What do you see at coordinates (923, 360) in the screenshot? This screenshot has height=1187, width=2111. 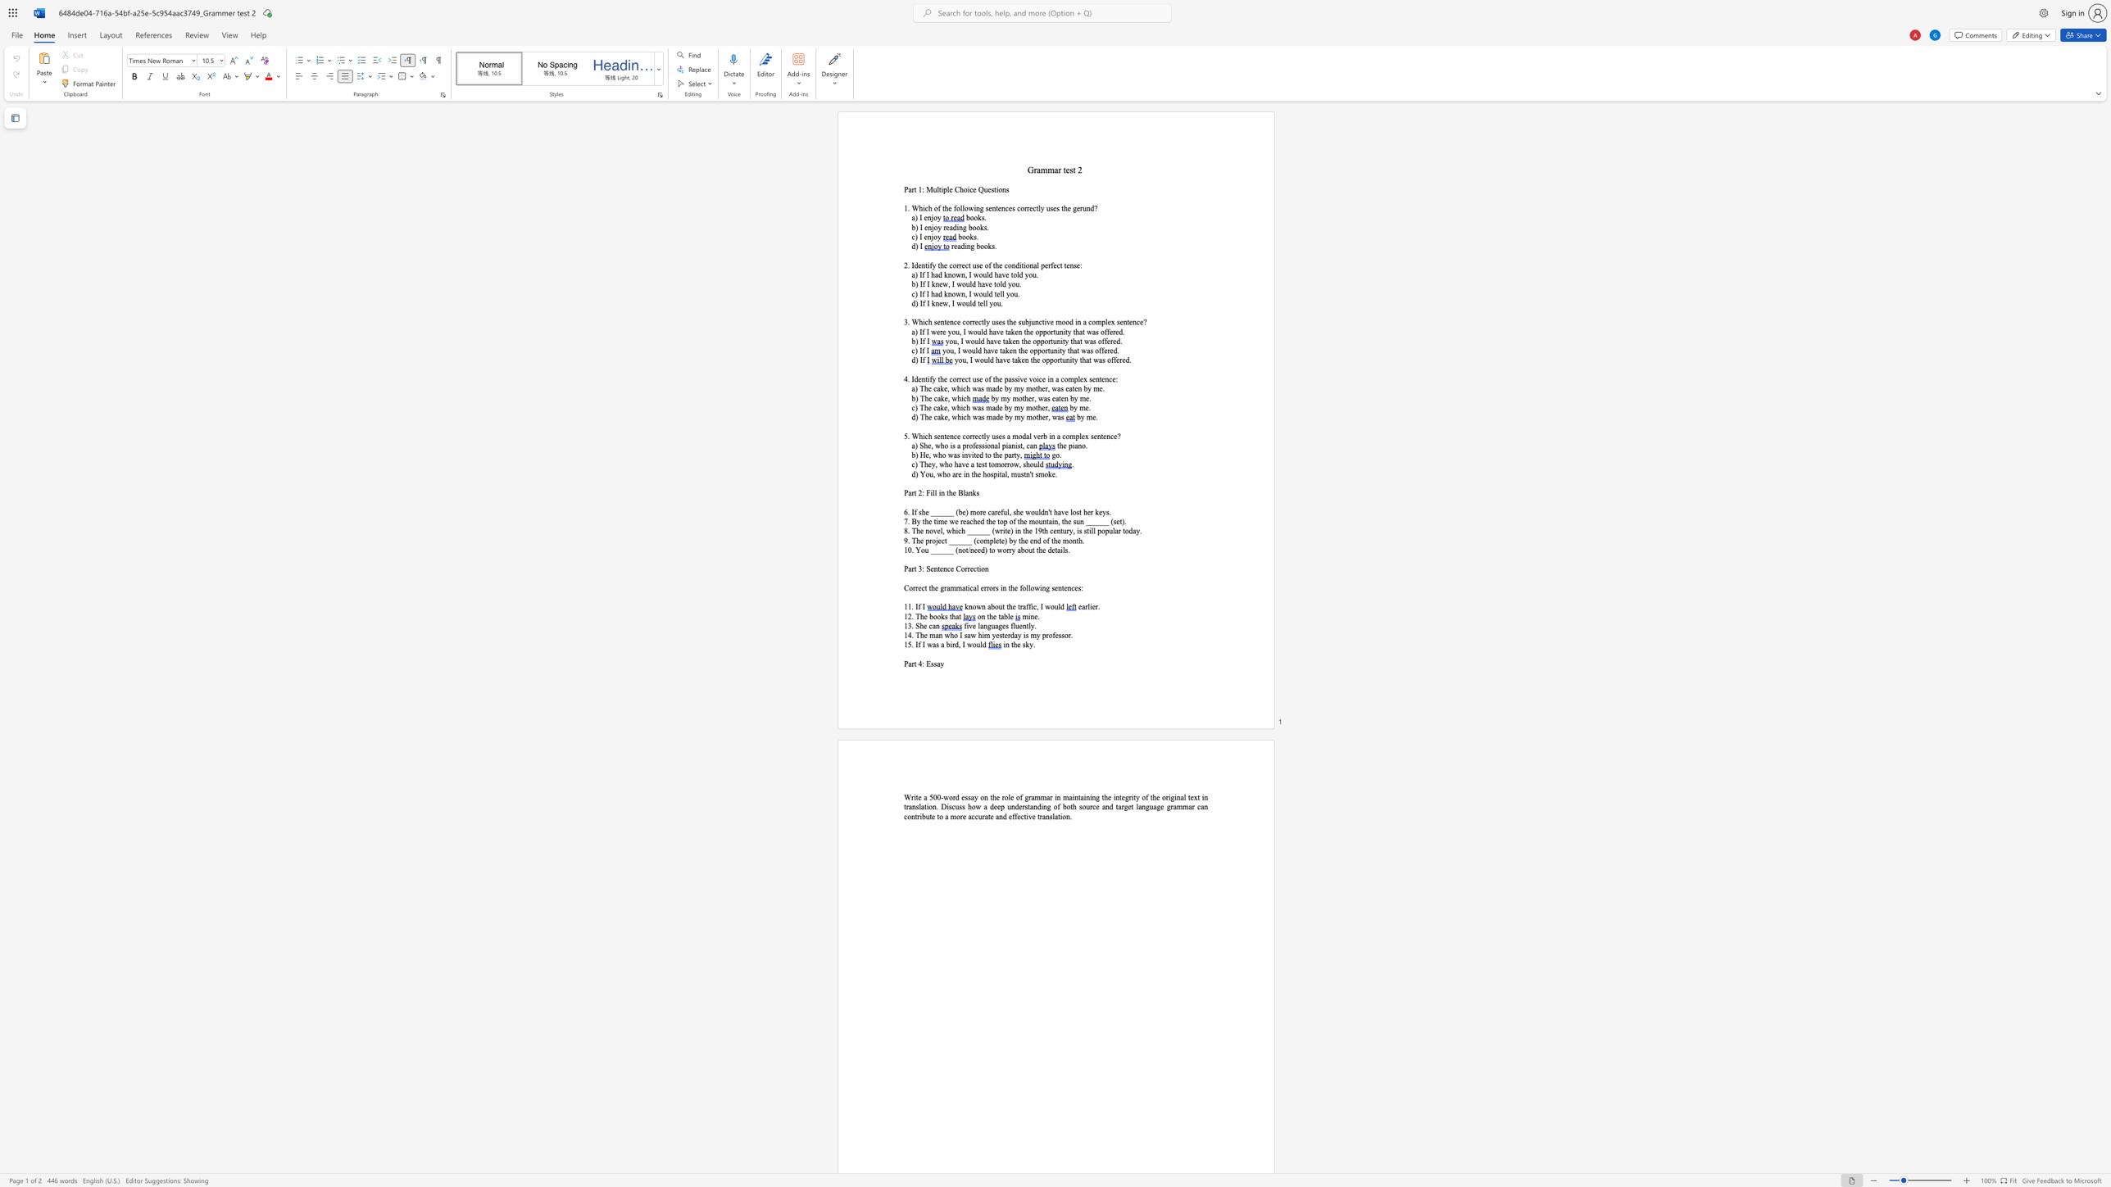 I see `the space between the continuous character "I" and "f" in the text` at bounding box center [923, 360].